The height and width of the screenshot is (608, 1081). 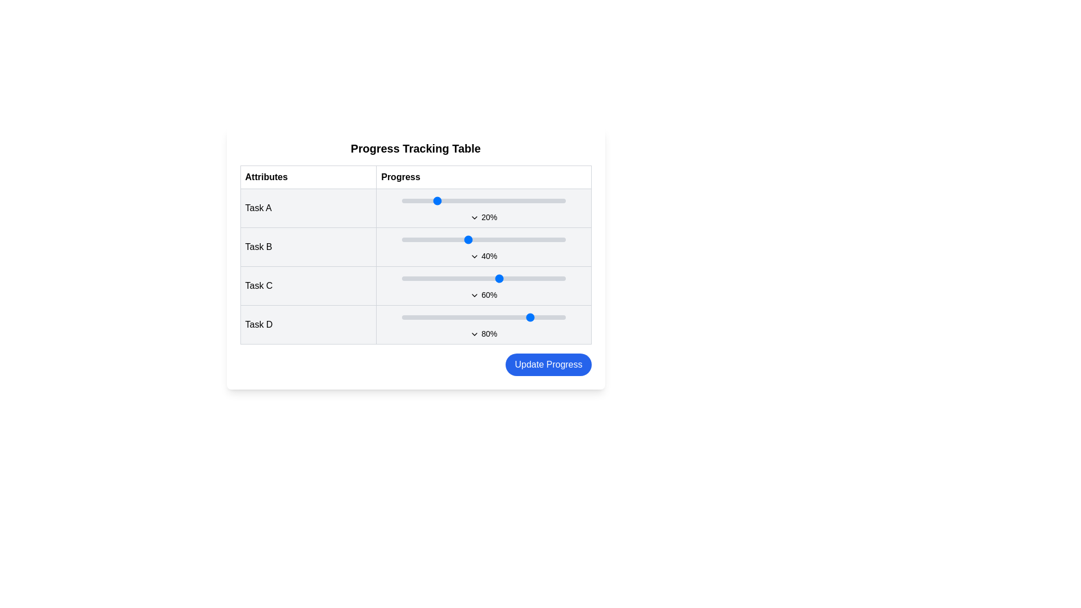 What do you see at coordinates (514, 278) in the screenshot?
I see `the progress for Task C` at bounding box center [514, 278].